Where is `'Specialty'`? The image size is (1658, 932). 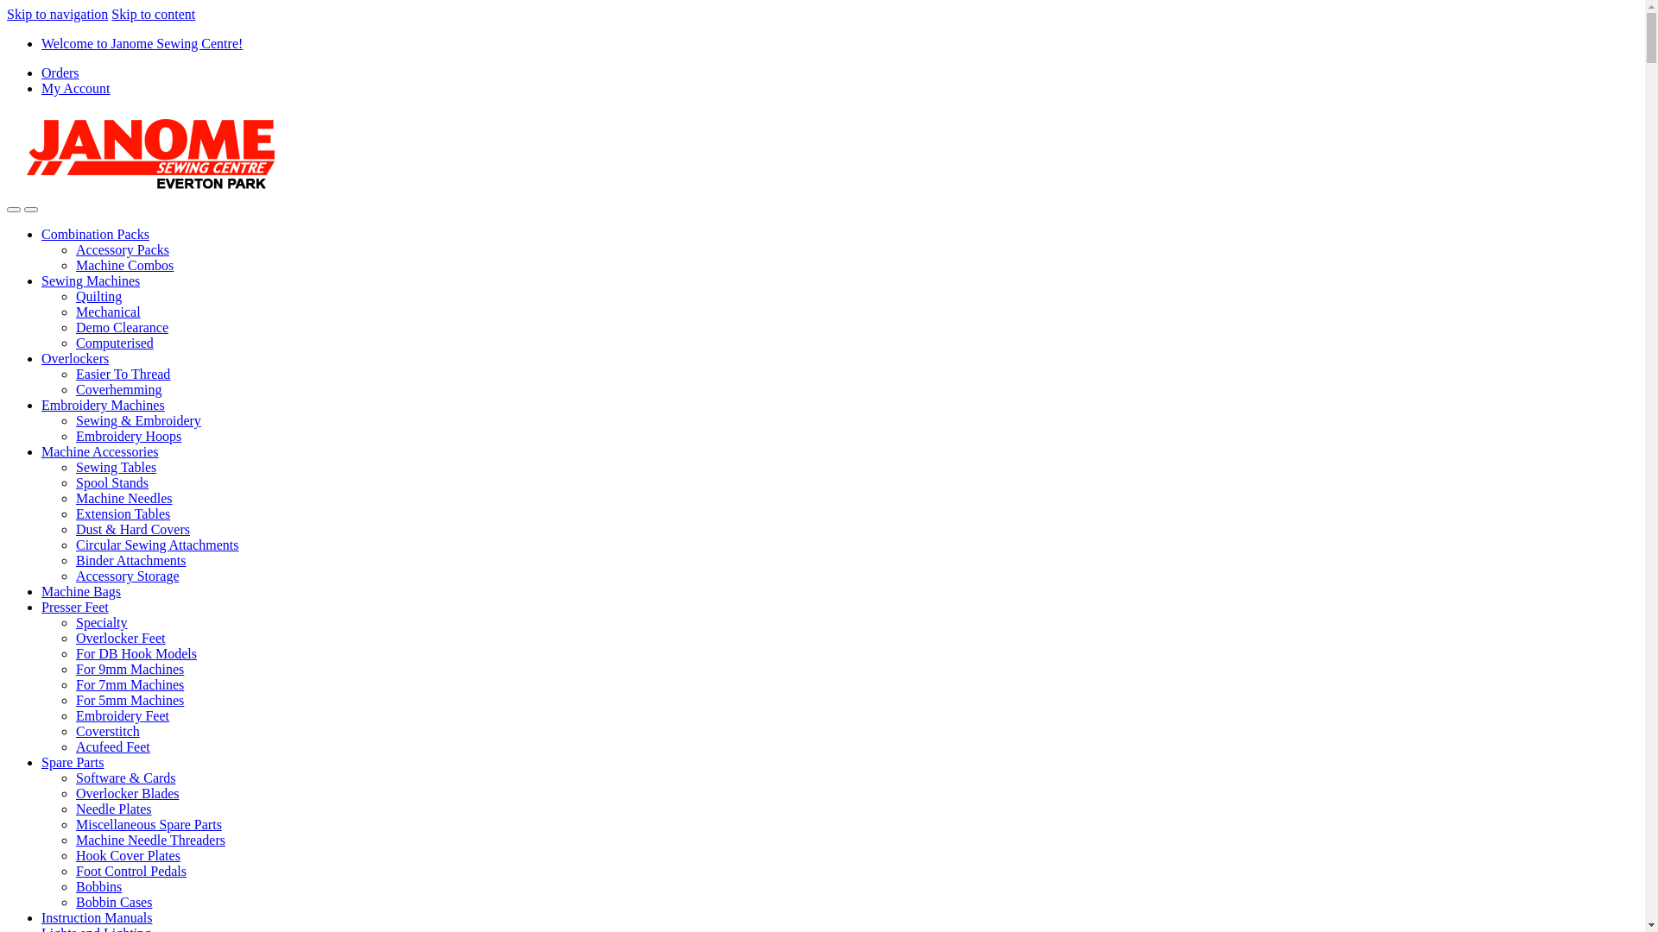 'Specialty' is located at coordinates (101, 622).